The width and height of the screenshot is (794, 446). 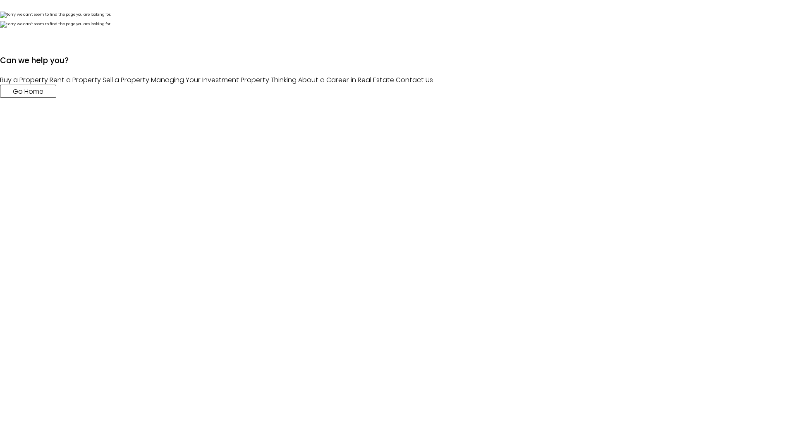 I want to click on 'Go Home', so click(x=28, y=91).